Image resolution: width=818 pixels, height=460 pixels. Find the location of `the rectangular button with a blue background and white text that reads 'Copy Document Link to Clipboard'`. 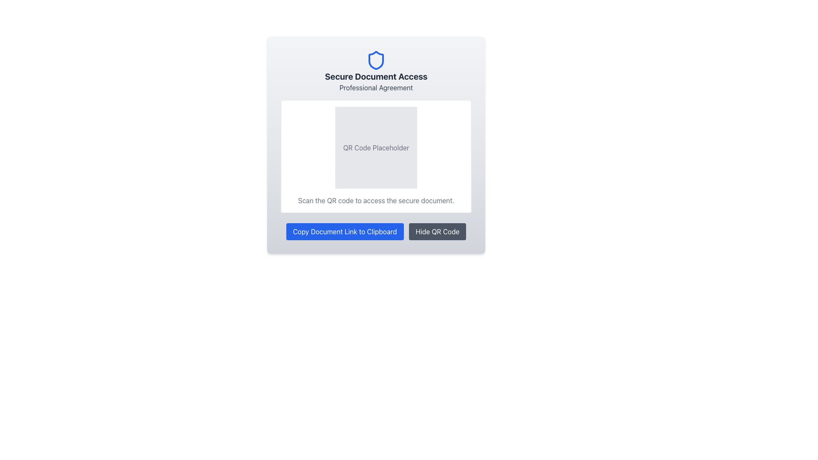

the rectangular button with a blue background and white text that reads 'Copy Document Link to Clipboard' is located at coordinates (345, 231).